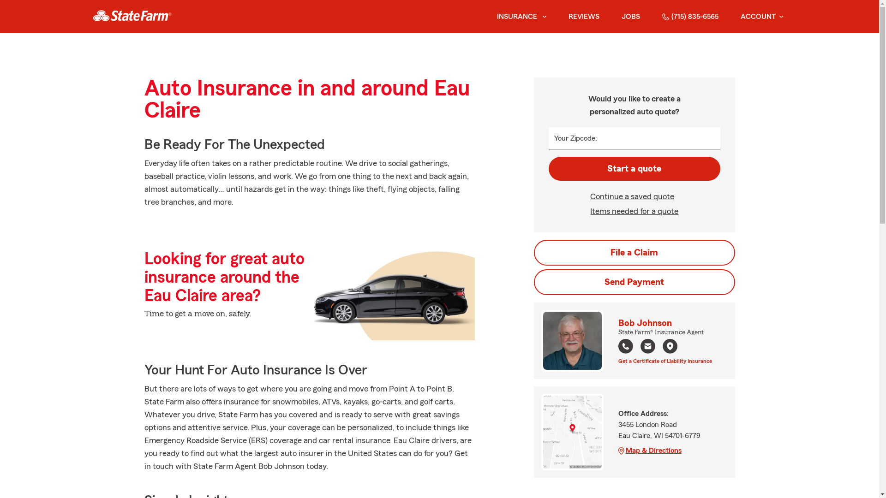 This screenshot has width=886, height=498. What do you see at coordinates (665, 359) in the screenshot?
I see `'Get a Certificate of Liability Insurance'` at bounding box center [665, 359].